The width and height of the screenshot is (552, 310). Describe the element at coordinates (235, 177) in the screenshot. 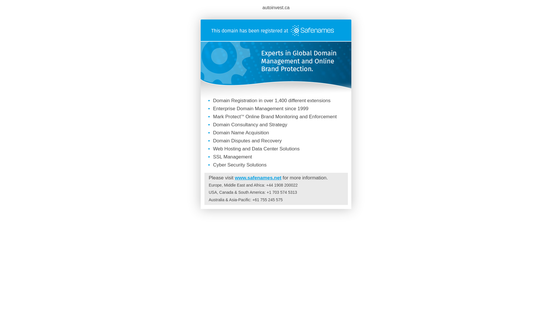

I see `'www.safenames.net'` at that location.